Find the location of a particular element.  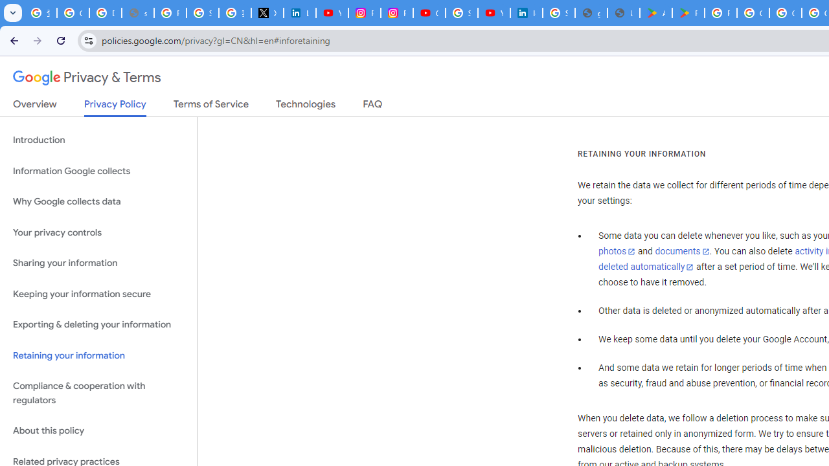

'photos' is located at coordinates (616, 252).